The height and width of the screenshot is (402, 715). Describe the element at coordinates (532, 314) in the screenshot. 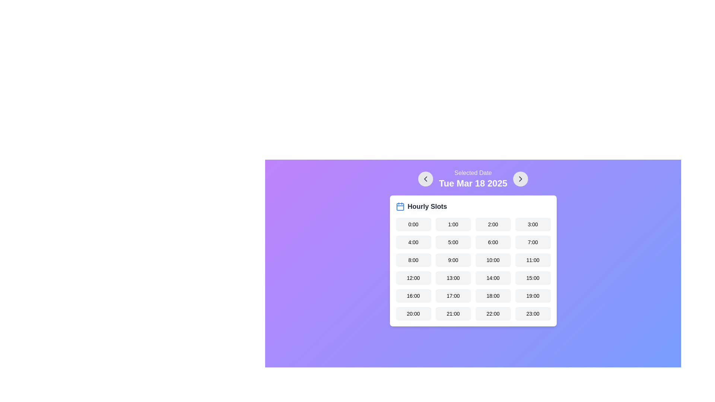

I see `the button located at the bottom right corner of the grid` at that location.